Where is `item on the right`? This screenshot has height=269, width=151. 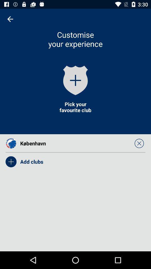
item on the right is located at coordinates (139, 143).